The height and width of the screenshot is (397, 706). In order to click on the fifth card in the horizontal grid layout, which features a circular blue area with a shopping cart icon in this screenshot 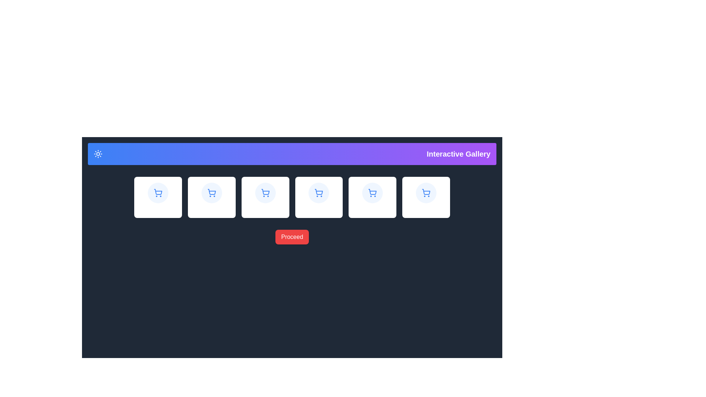, I will do `click(372, 197)`.